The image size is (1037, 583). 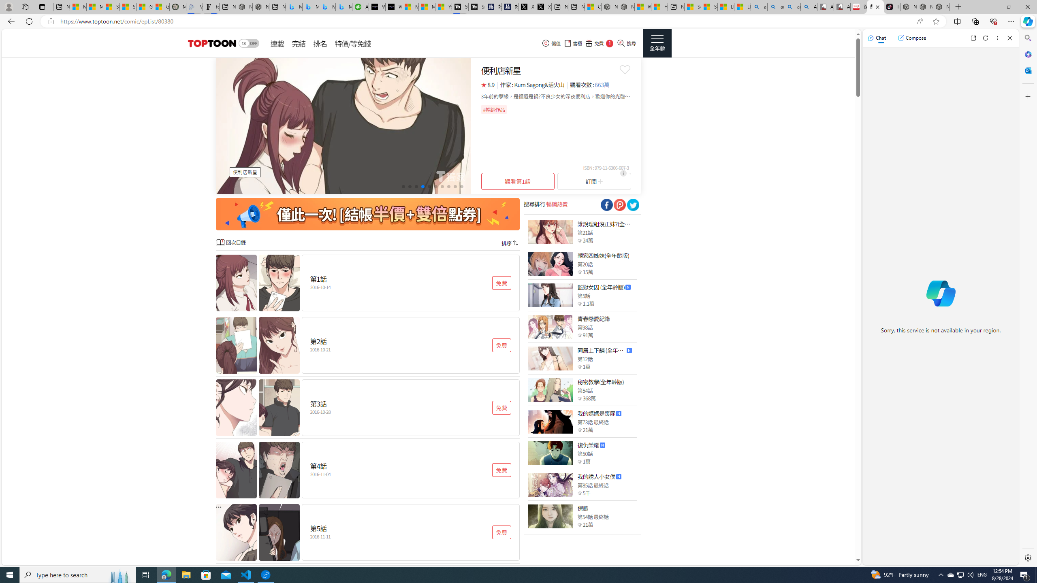 I want to click on 'Microsoft Start Sports', so click(x=410, y=6).